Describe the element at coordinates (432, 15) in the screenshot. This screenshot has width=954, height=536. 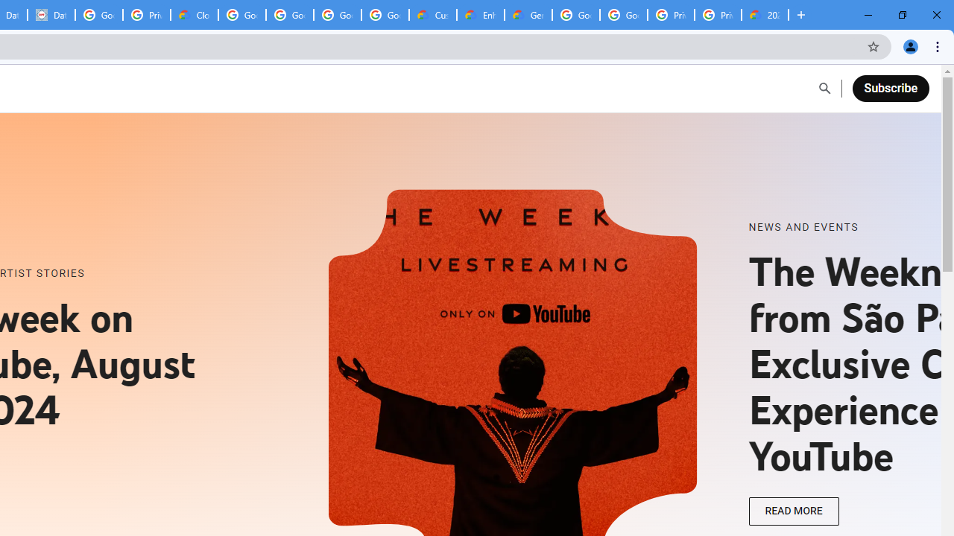
I see `'Customer Care | Google Cloud'` at that location.